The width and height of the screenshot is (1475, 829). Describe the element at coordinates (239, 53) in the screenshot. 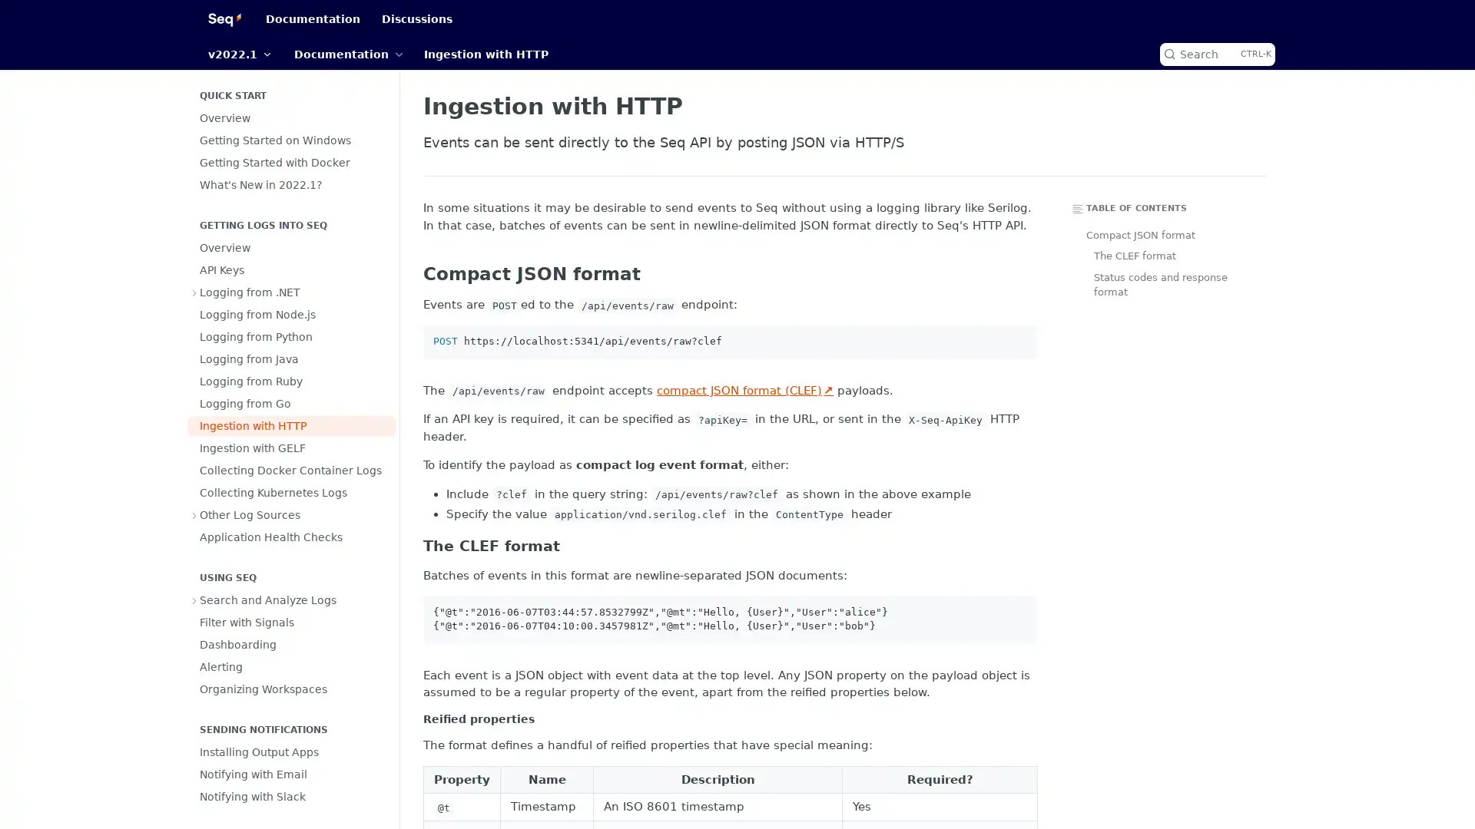

I see `v2022.1` at that location.